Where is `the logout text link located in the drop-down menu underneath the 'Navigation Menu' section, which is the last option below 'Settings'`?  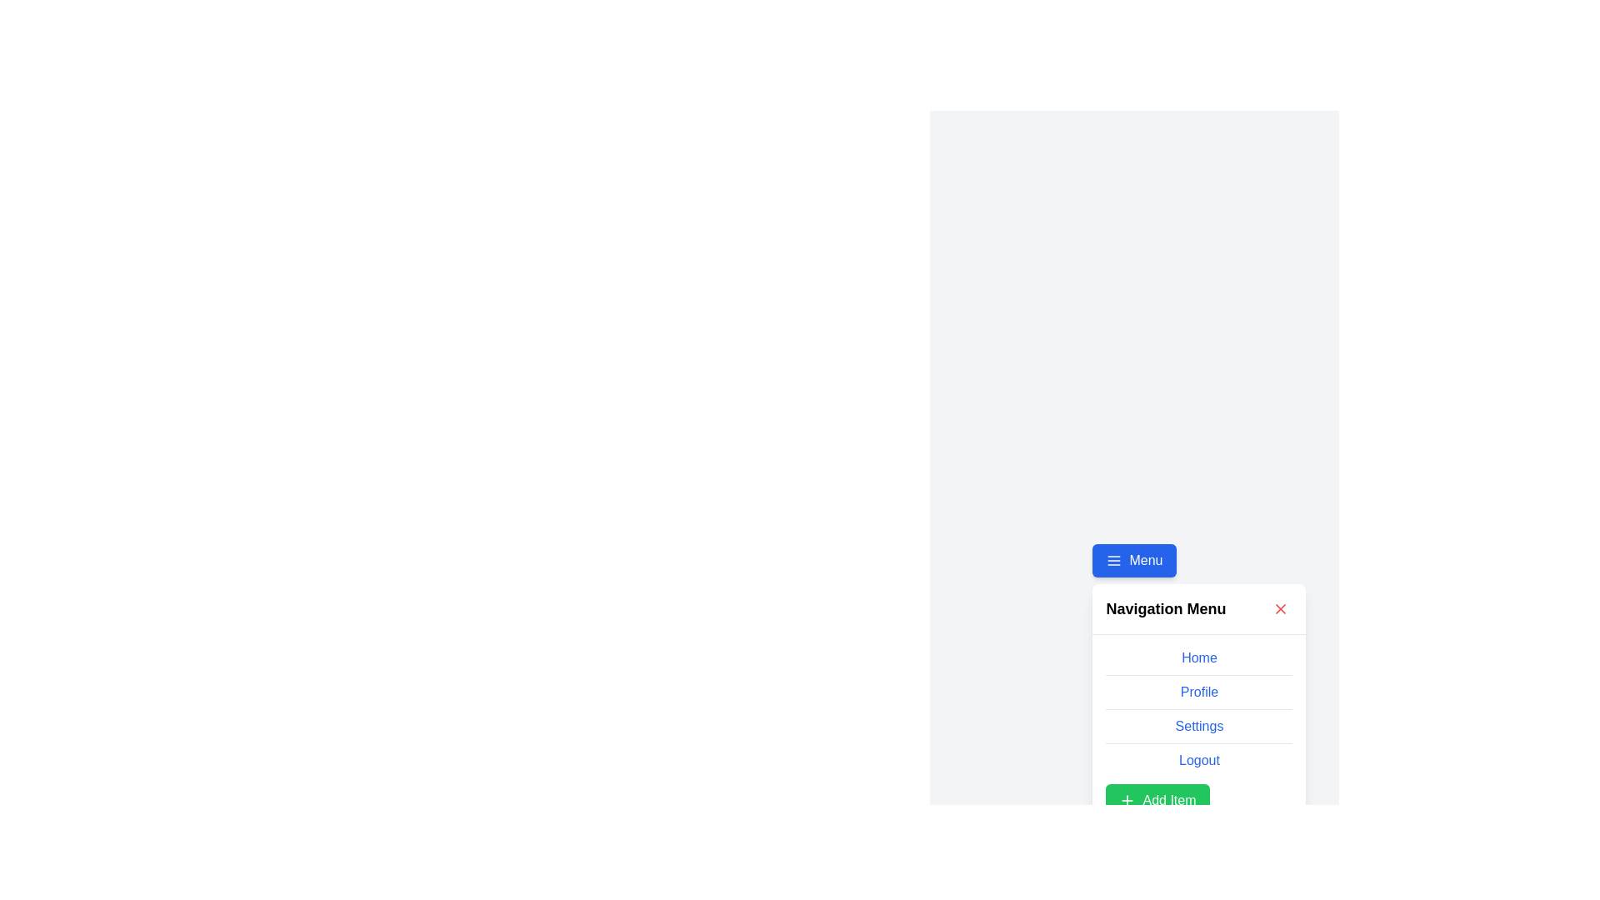
the logout text link located in the drop-down menu underneath the 'Navigation Menu' section, which is the last option below 'Settings' is located at coordinates (1198, 760).